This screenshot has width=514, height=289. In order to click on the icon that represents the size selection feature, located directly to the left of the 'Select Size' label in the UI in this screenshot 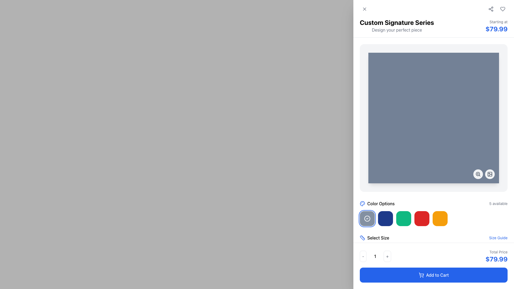, I will do `click(362, 237)`.